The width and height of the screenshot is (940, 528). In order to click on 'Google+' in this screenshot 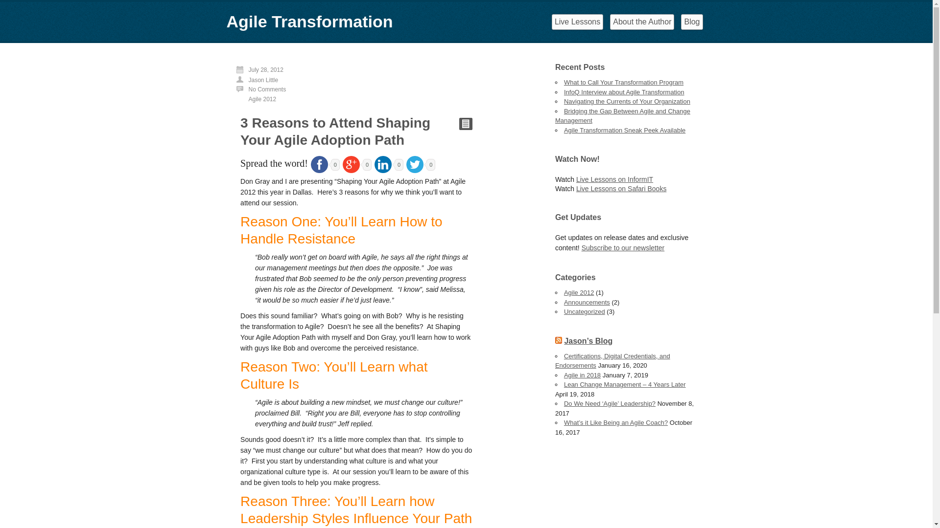, I will do `click(351, 164)`.